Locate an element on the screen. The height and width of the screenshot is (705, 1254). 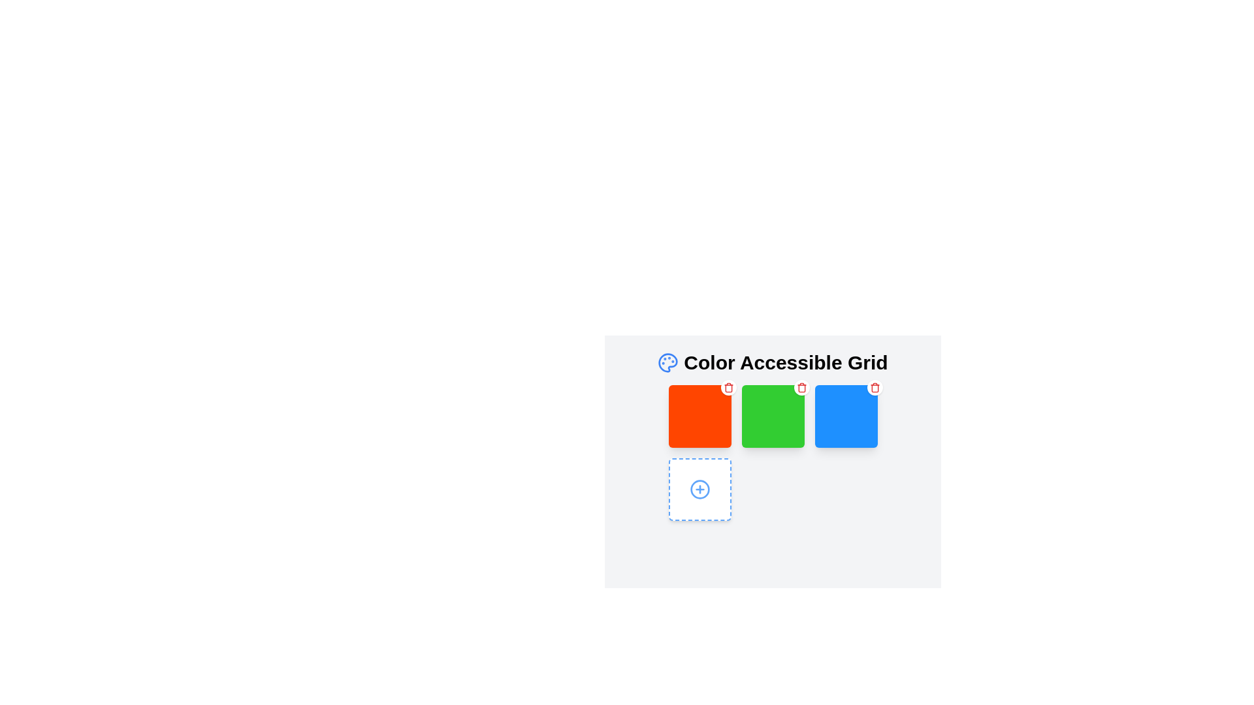
the bottom section of the trashcan icon, specifically the smooth, rounded rectangle shape that forms part of its body structure is located at coordinates (801, 388).